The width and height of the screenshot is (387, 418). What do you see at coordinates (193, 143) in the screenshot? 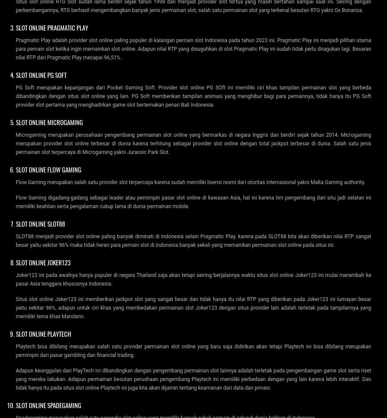
I see `'Microgaming merupakan perusahaan pengembang permainan slot online yang bermarkas di negara Inggris dan berdiri sejak tahun 2014. Microgaming merupakan provider slot online terbesar di dunia karena terhitung sebagai provider slot online dengan total jackpot terbesar di dunia. Salah satu jenis permainan slot terpercaya di Microgaming yakni Jurassic Park Slot.'` at bounding box center [193, 143].